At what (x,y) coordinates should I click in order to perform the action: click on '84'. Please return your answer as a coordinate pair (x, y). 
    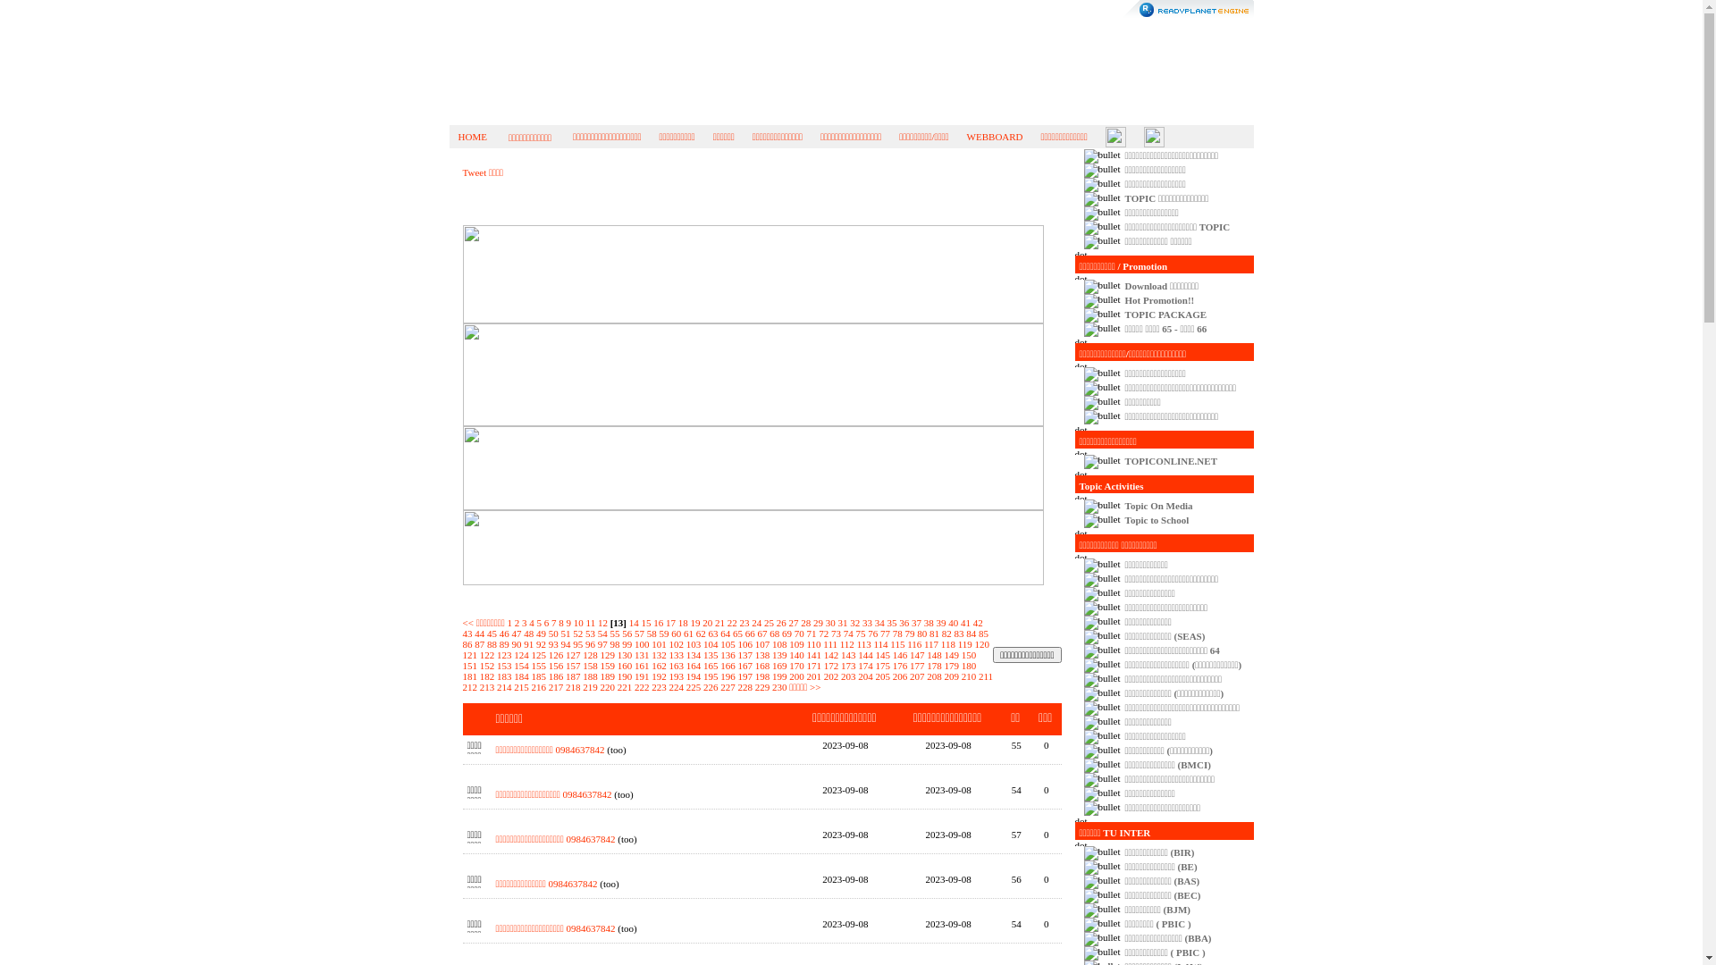
    Looking at the image, I should click on (964, 633).